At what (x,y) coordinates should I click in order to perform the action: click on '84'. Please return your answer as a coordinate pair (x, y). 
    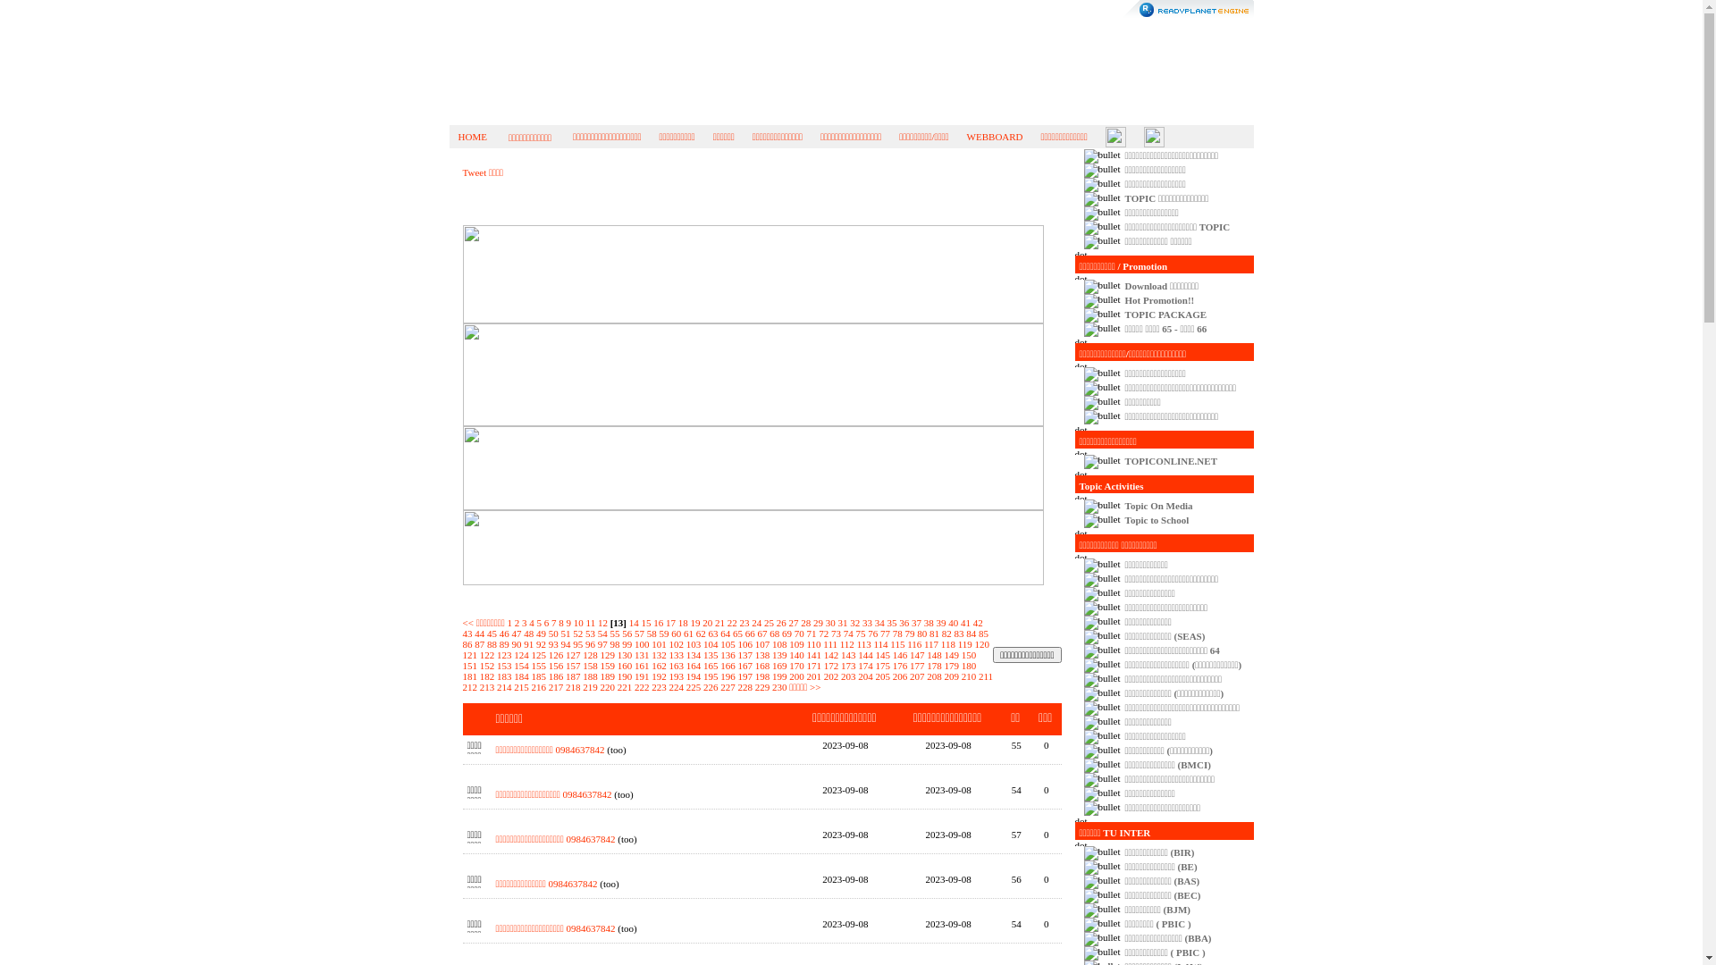
    Looking at the image, I should click on (964, 633).